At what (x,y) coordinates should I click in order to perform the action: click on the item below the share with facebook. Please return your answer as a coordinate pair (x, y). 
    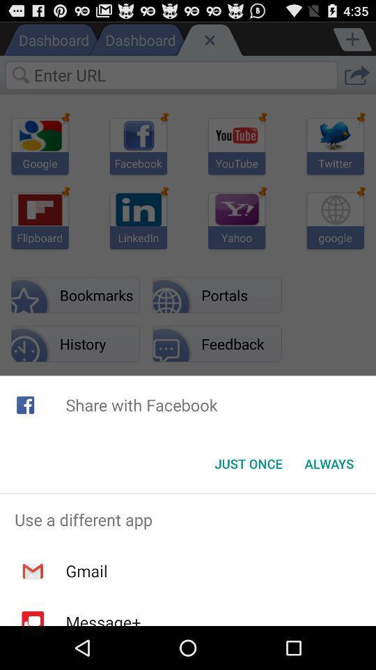
    Looking at the image, I should click on (248, 463).